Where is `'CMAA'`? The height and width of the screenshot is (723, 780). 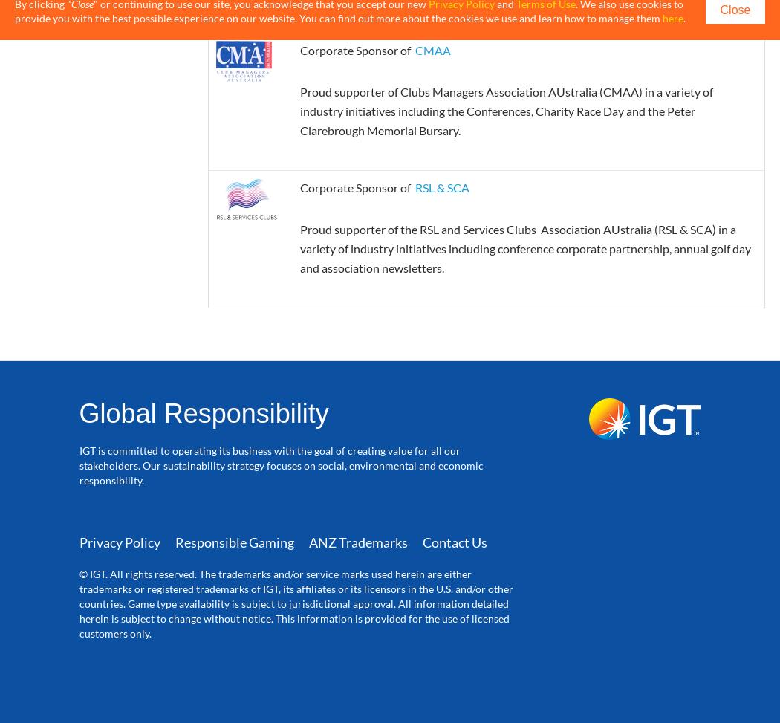
'CMAA' is located at coordinates (432, 49).